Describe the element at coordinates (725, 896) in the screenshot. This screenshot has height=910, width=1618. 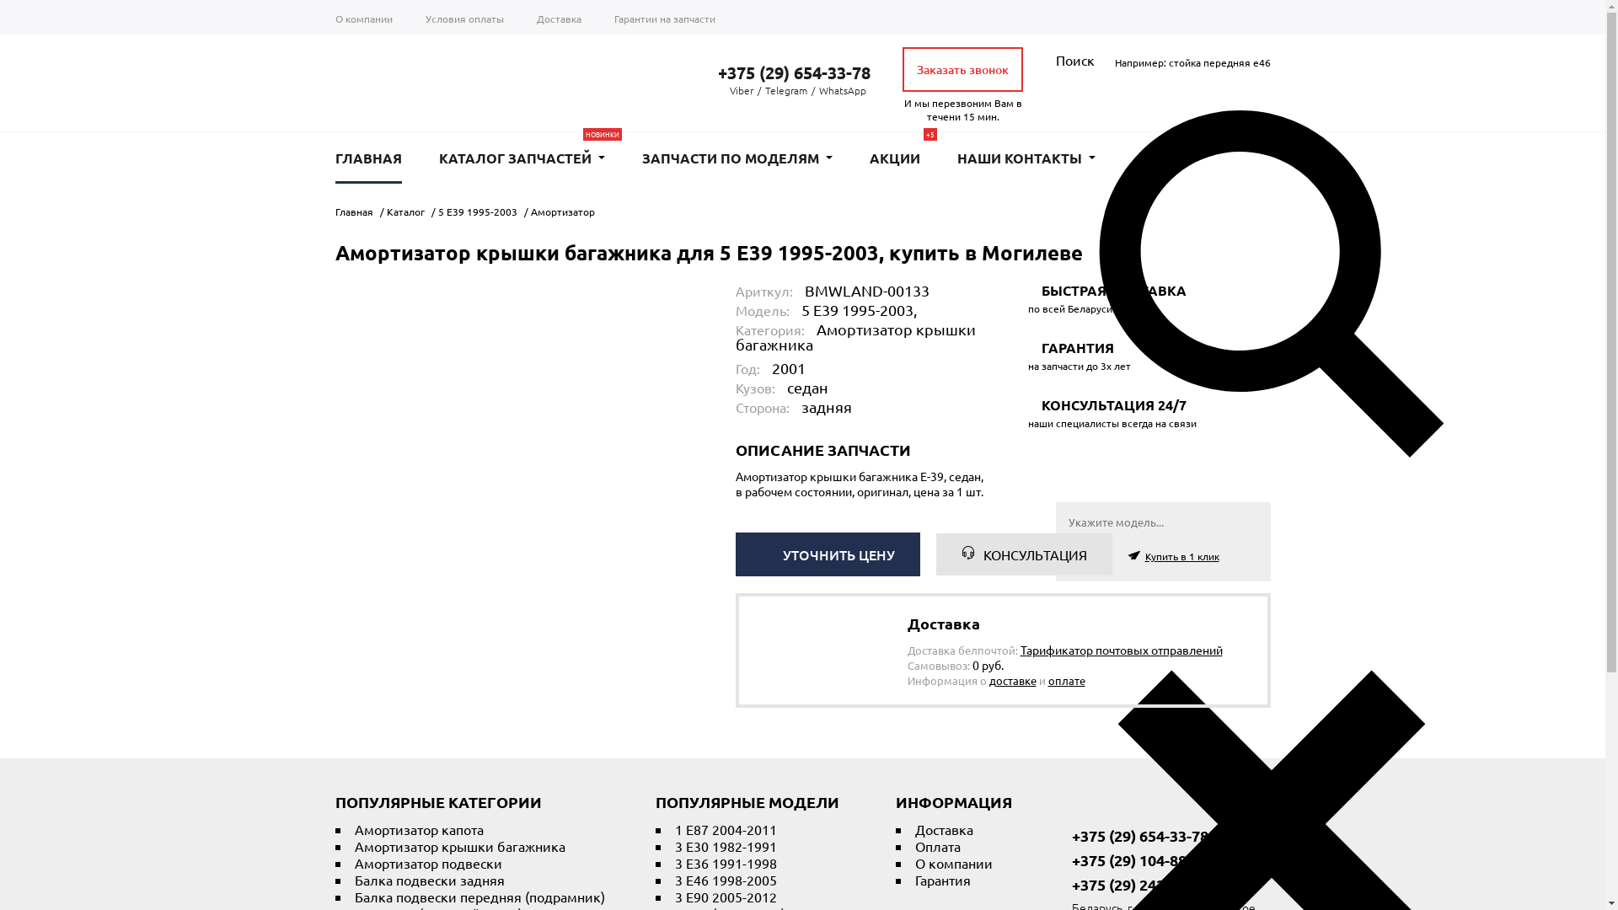
I see `'3 E90 2005-2012'` at that location.